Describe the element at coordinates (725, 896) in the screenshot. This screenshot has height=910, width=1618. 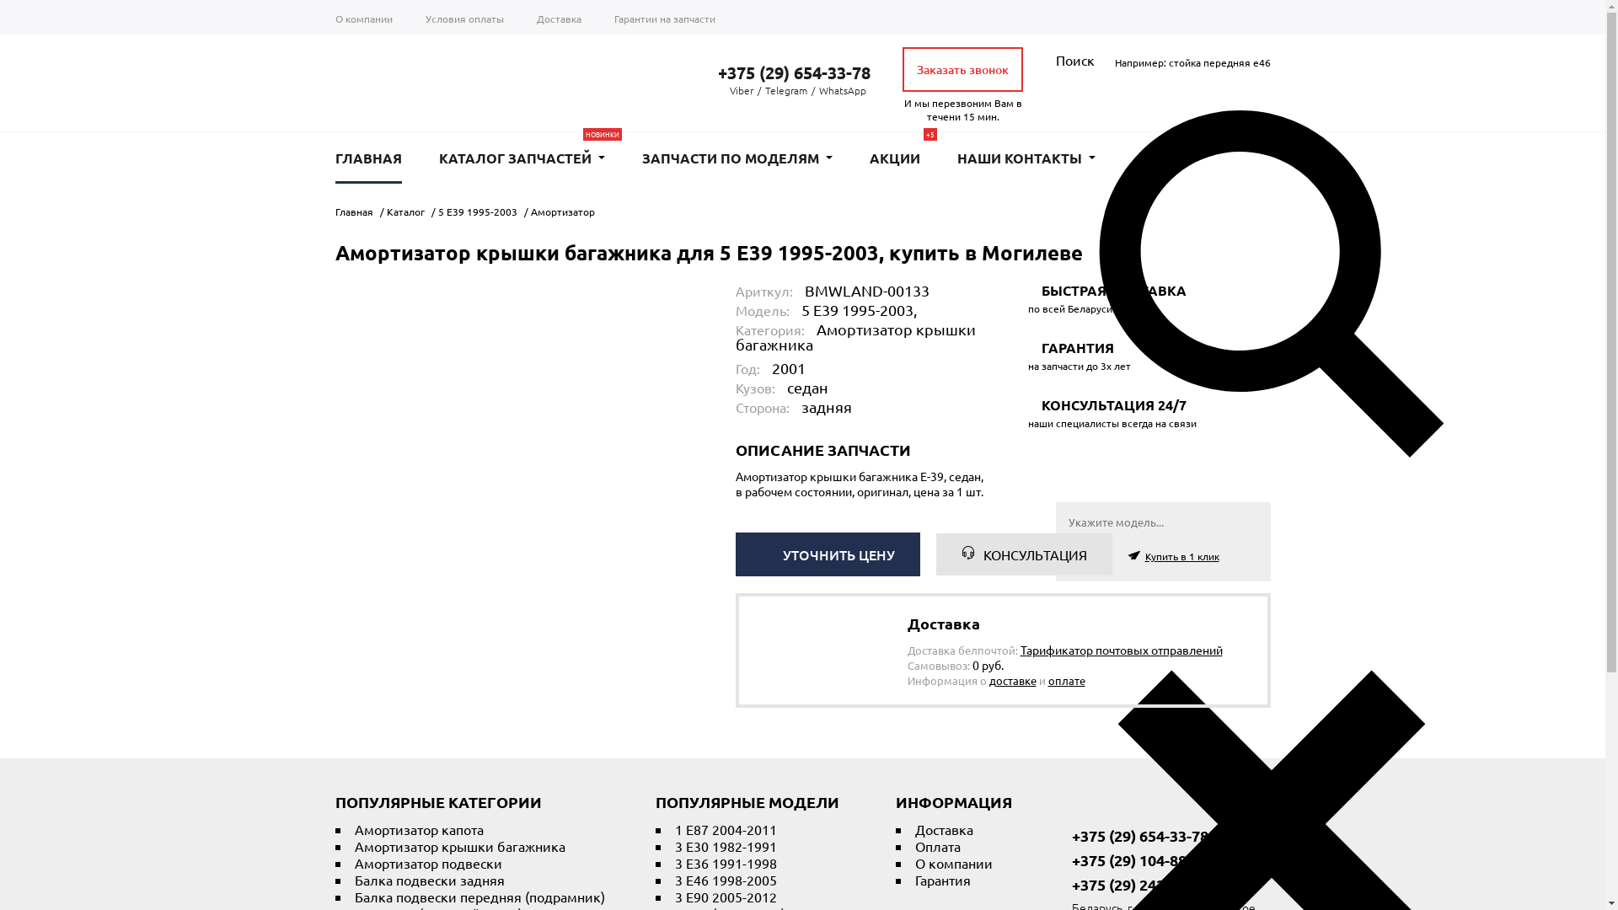
I see `'3 E90 2005-2012'` at that location.